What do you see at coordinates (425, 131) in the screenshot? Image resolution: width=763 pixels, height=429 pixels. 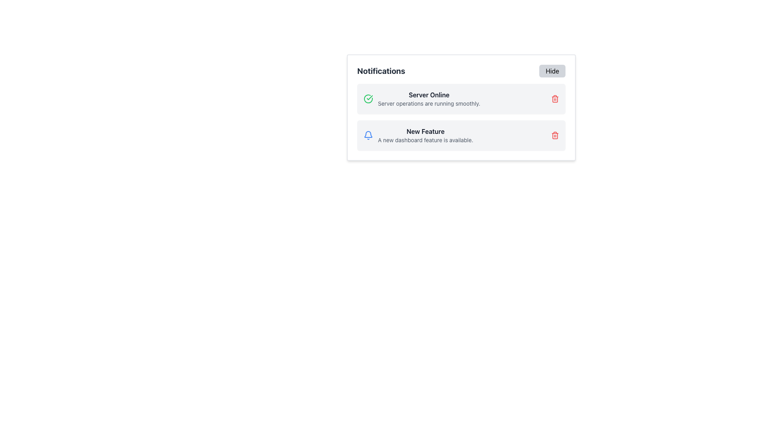 I see `text content of the 'New Feature' label, which is displayed in bold, dark gray font on a light gray notification card` at bounding box center [425, 131].